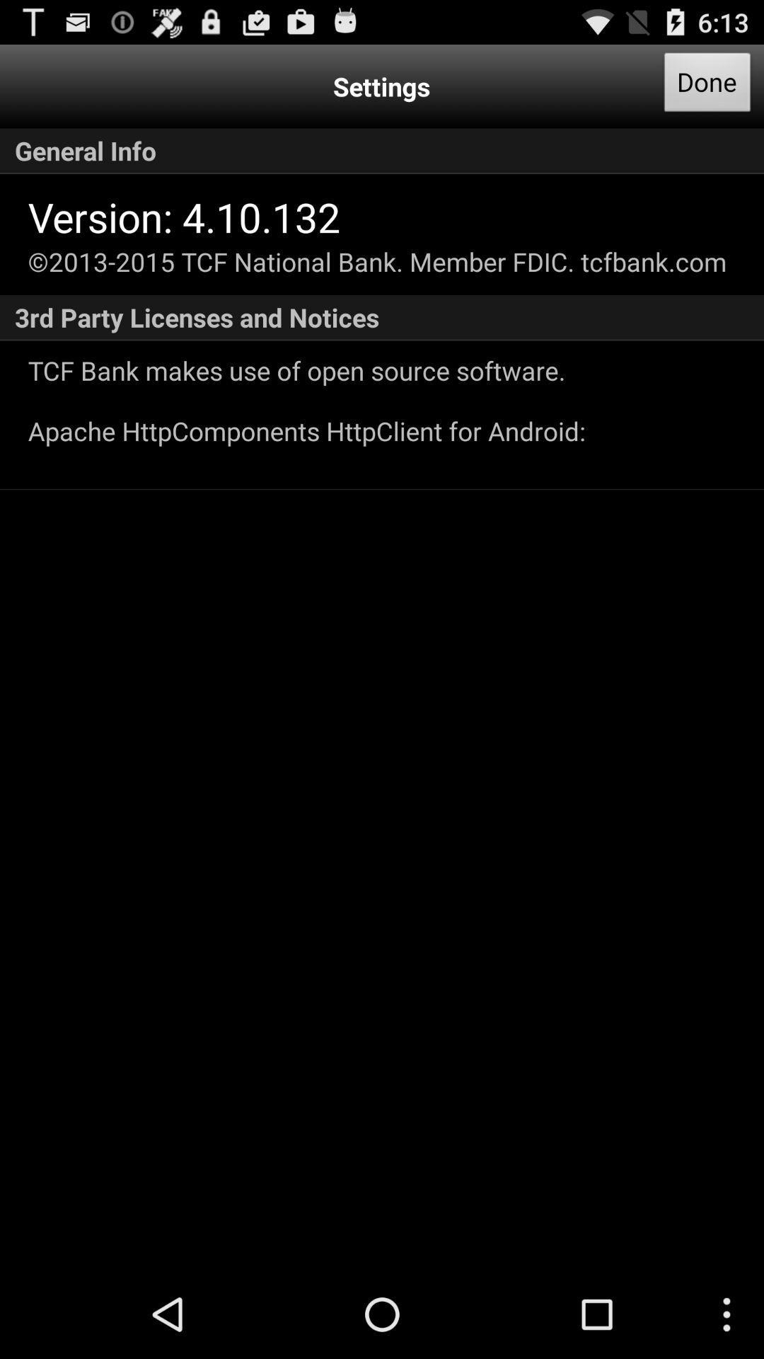 This screenshot has height=1359, width=764. I want to click on button at the top right corner, so click(707, 86).